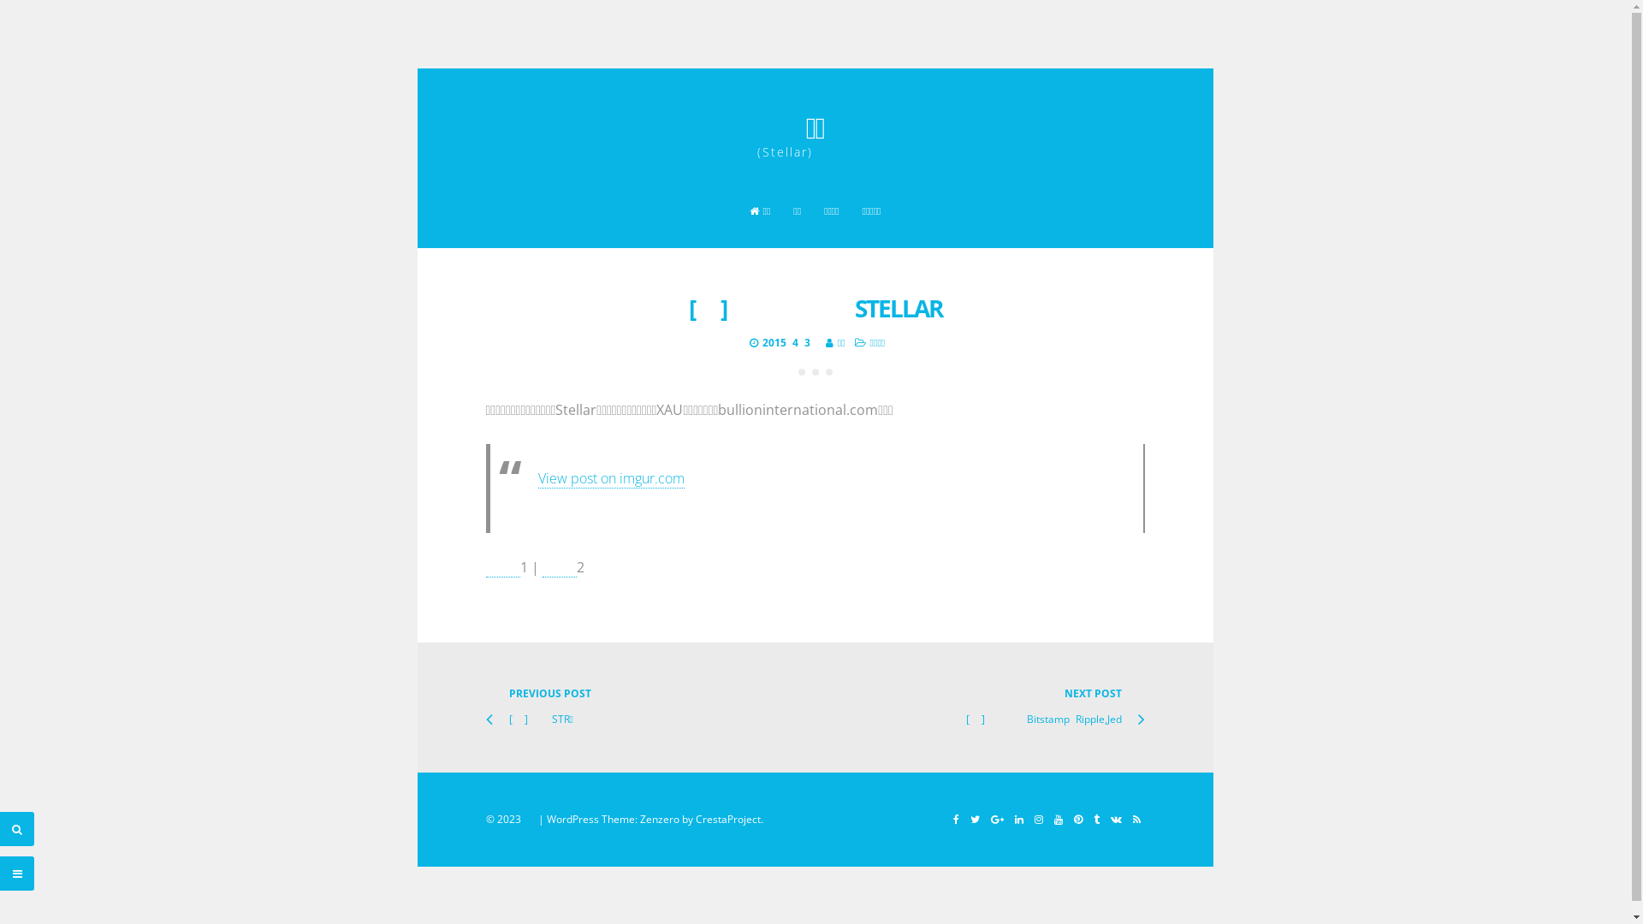 This screenshot has width=1643, height=924. I want to click on 'View post on imgur.com', so click(610, 478).